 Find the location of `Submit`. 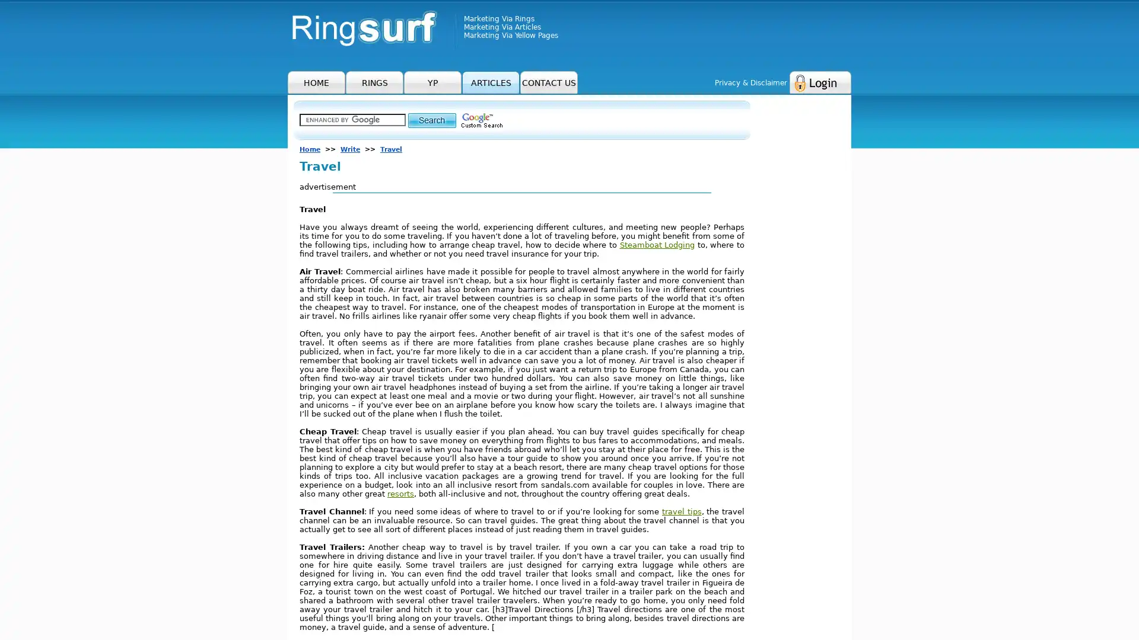

Submit is located at coordinates (431, 120).